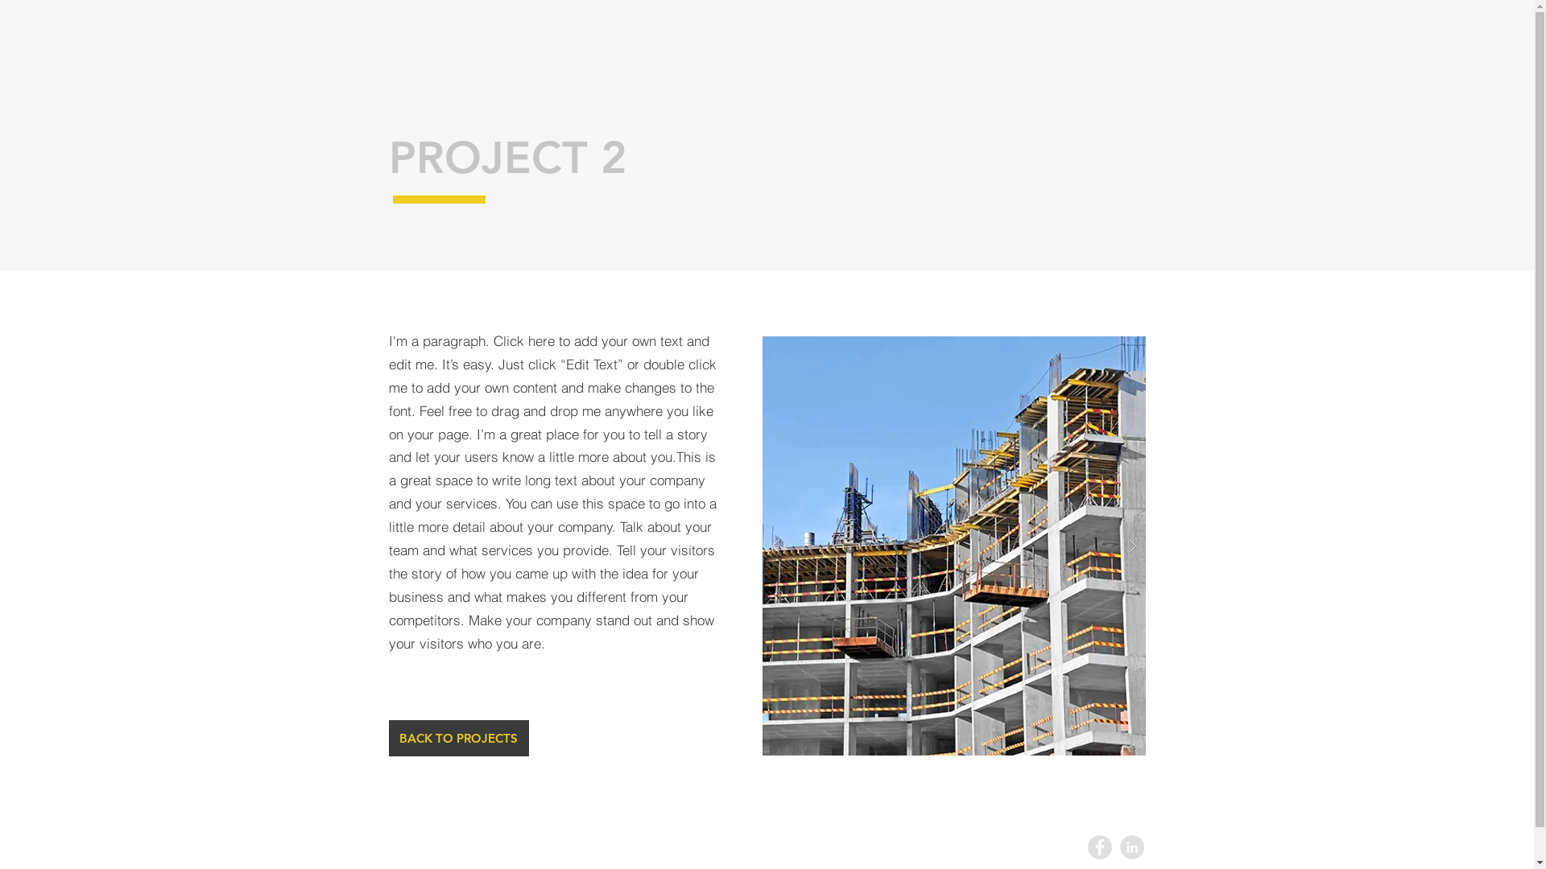 The image size is (1546, 869). What do you see at coordinates (387, 738) in the screenshot?
I see `'BACK TO PROJECTS'` at bounding box center [387, 738].